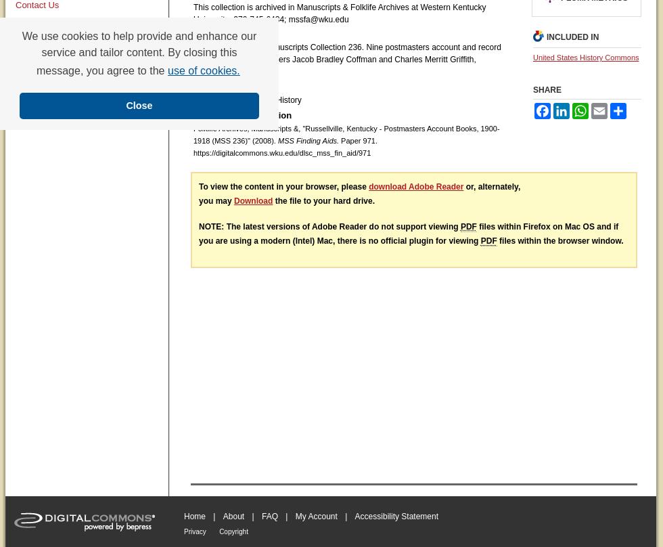 This screenshot has width=663, height=547. Describe the element at coordinates (216, 86) in the screenshot. I see `'Disciplines'` at that location.